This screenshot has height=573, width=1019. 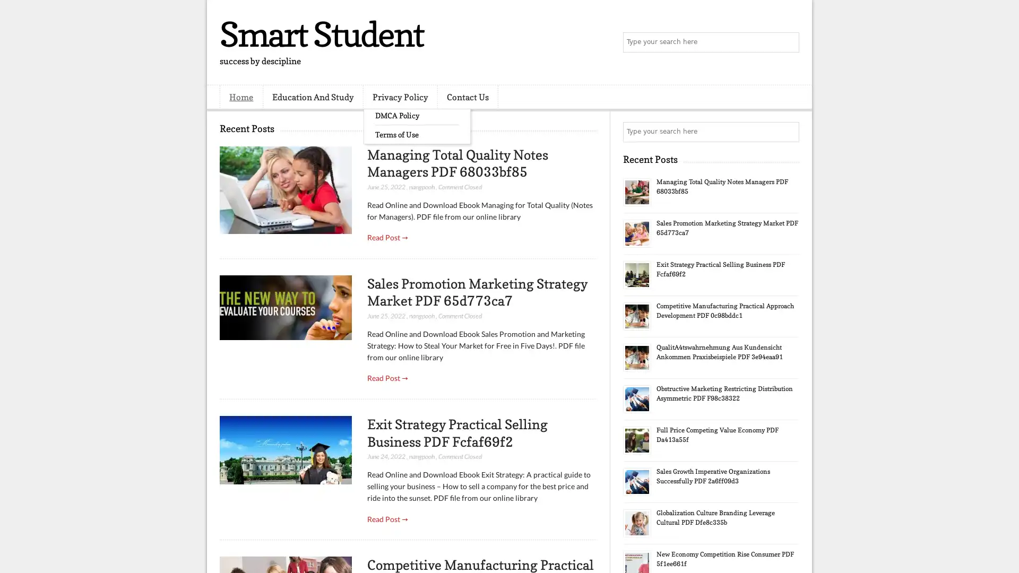 What do you see at coordinates (788, 42) in the screenshot?
I see `Search` at bounding box center [788, 42].